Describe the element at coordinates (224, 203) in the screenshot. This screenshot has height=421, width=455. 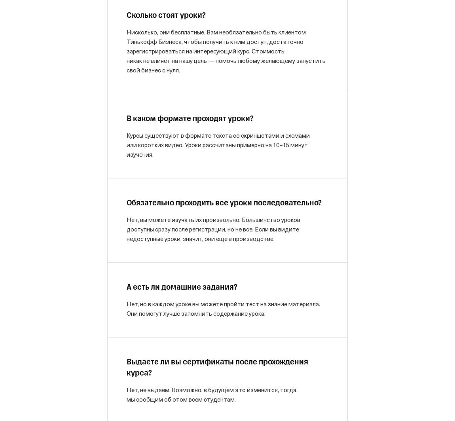
I see `'Обязательно проходить все уроки последовательно?'` at that location.